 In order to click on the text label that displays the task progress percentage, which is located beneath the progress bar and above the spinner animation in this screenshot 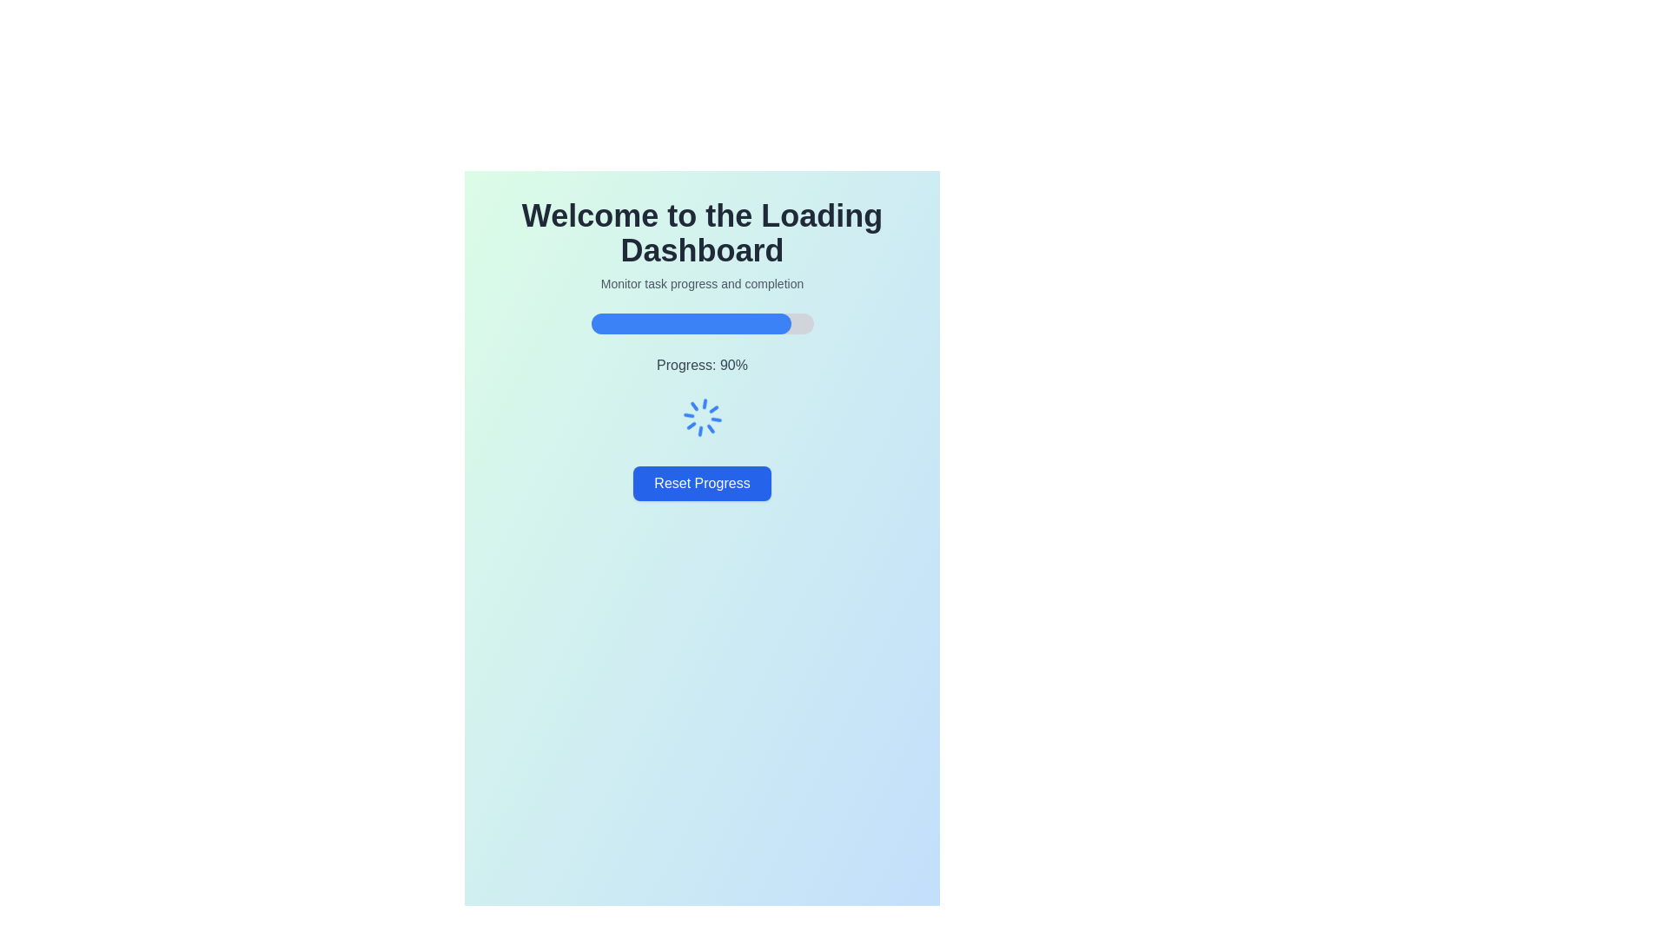, I will do `click(702, 364)`.